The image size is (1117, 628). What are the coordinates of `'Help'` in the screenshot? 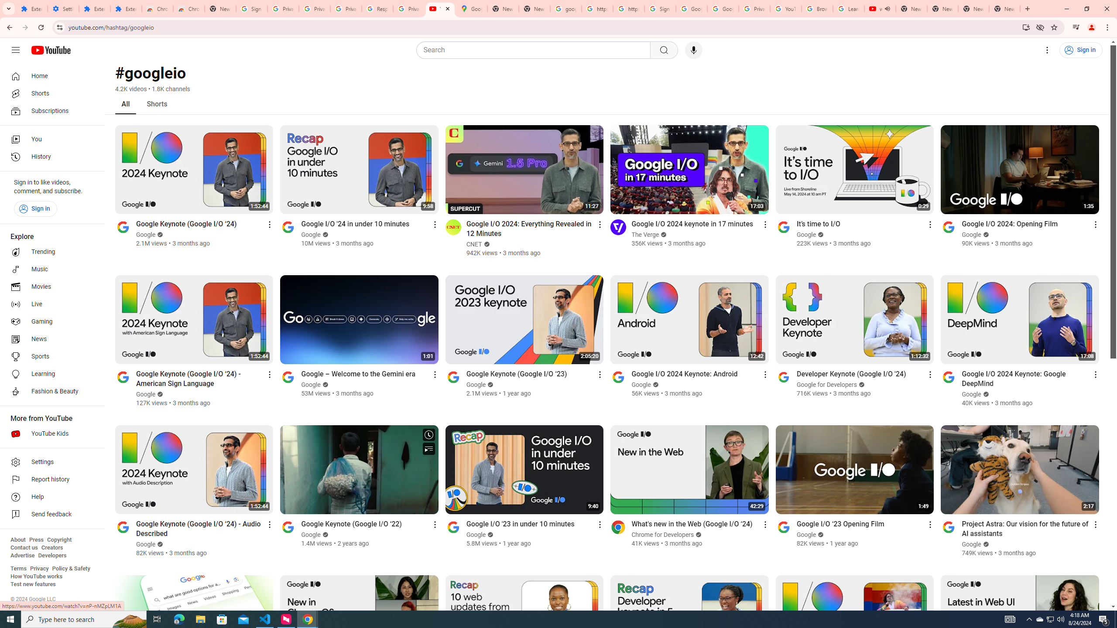 It's located at (49, 497).